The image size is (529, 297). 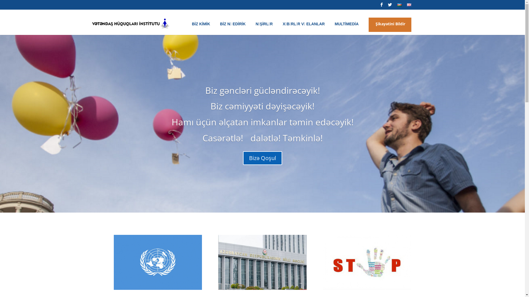 What do you see at coordinates (192, 28) in the screenshot?
I see `'BIZ KIMIK'` at bounding box center [192, 28].